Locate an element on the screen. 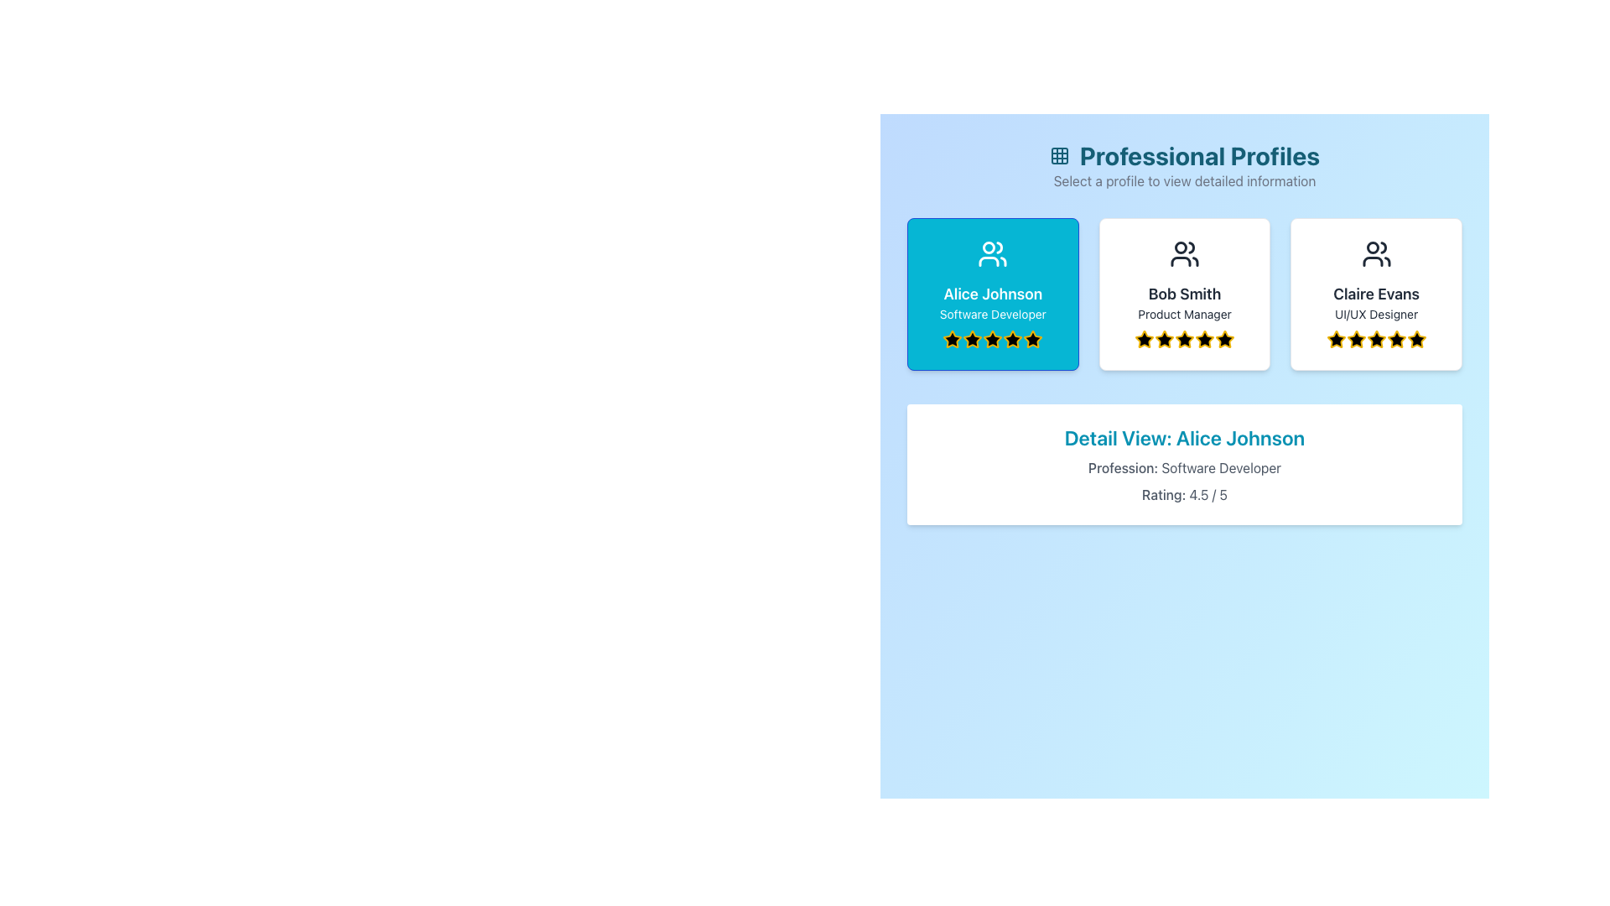 This screenshot has height=906, width=1610. text content of the Text Information element that informs the user about Alice Johnson's profession, located below the title 'Detail View: Alice Johnson' and above the 'Rating: 4.5 / 5' is located at coordinates (1183, 468).